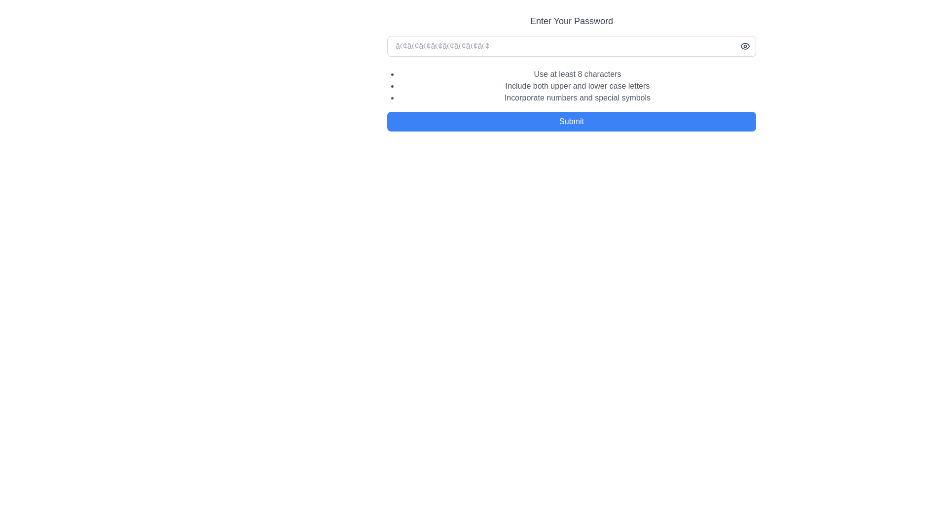 The image size is (947, 532). Describe the element at coordinates (571, 83) in the screenshot. I see `instructions provided in the bulleted list of password requirements located centrally underneath the password input field` at that location.